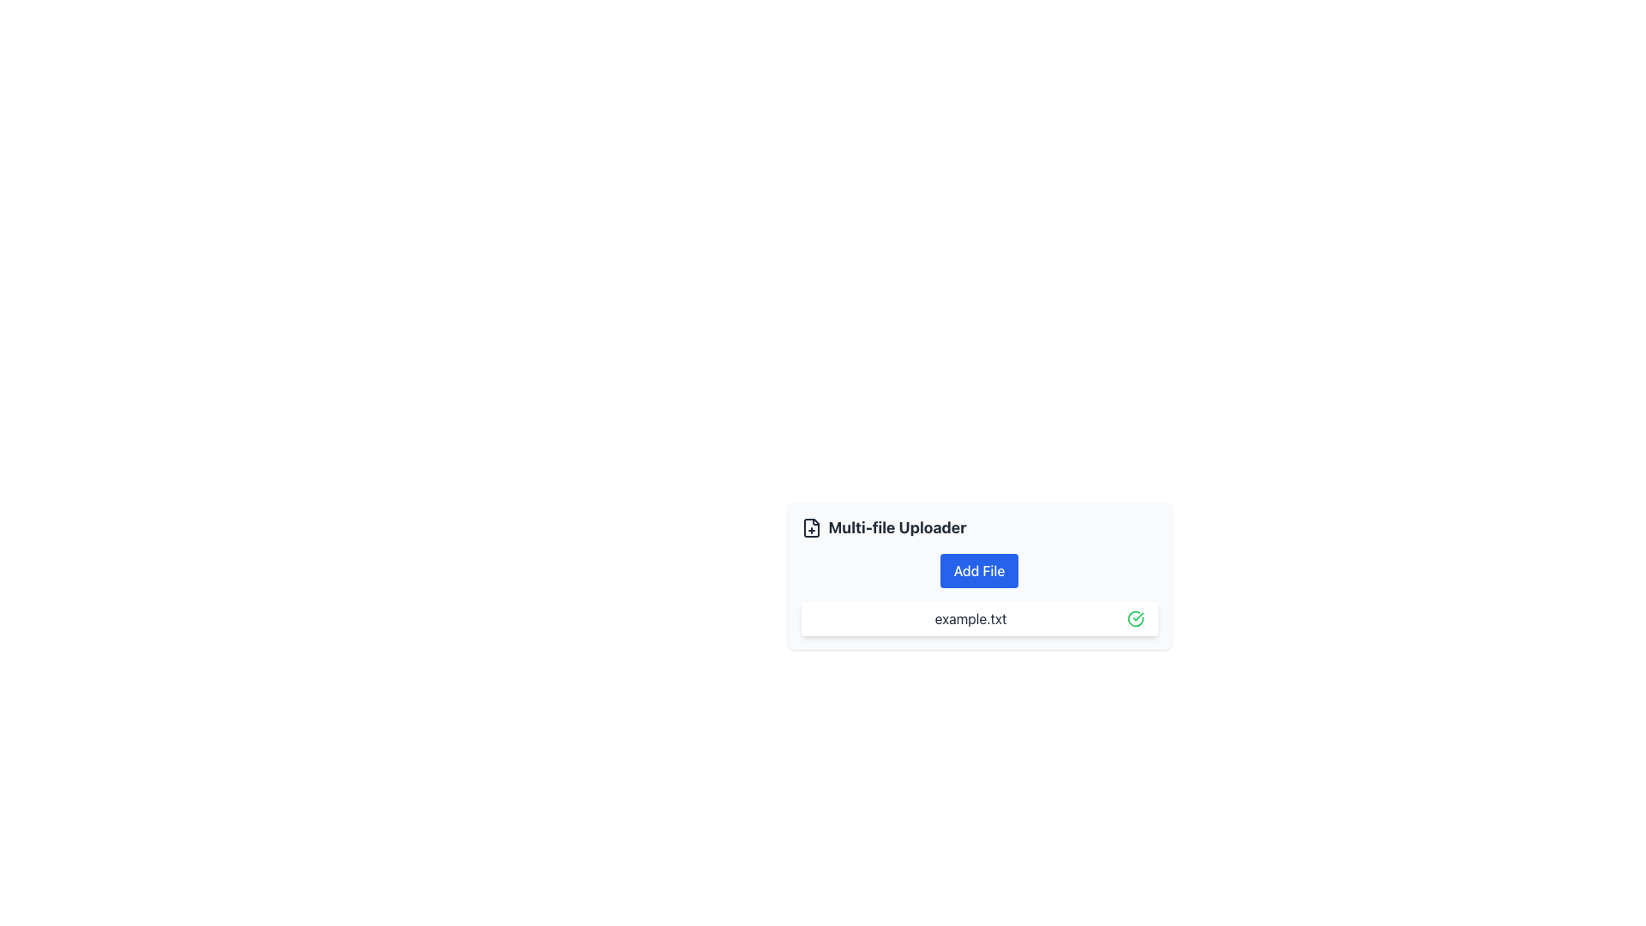 The width and height of the screenshot is (1646, 926). Describe the element at coordinates (810, 527) in the screenshot. I see `the file icon located in the upper left corner of the uploader interface, which visually represents a file and is part of a multi-file uploader` at that location.